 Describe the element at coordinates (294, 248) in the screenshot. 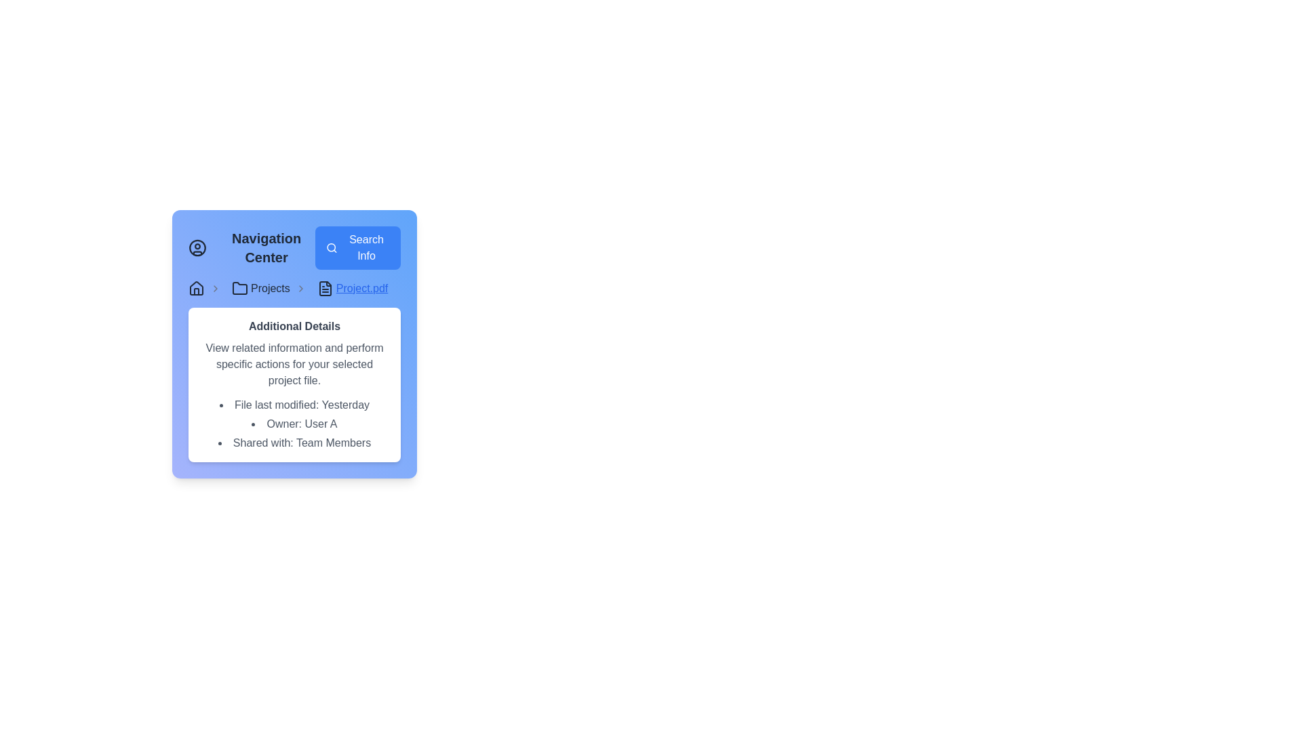

I see `the 'Navigation Center' text in the header section of the card` at that location.